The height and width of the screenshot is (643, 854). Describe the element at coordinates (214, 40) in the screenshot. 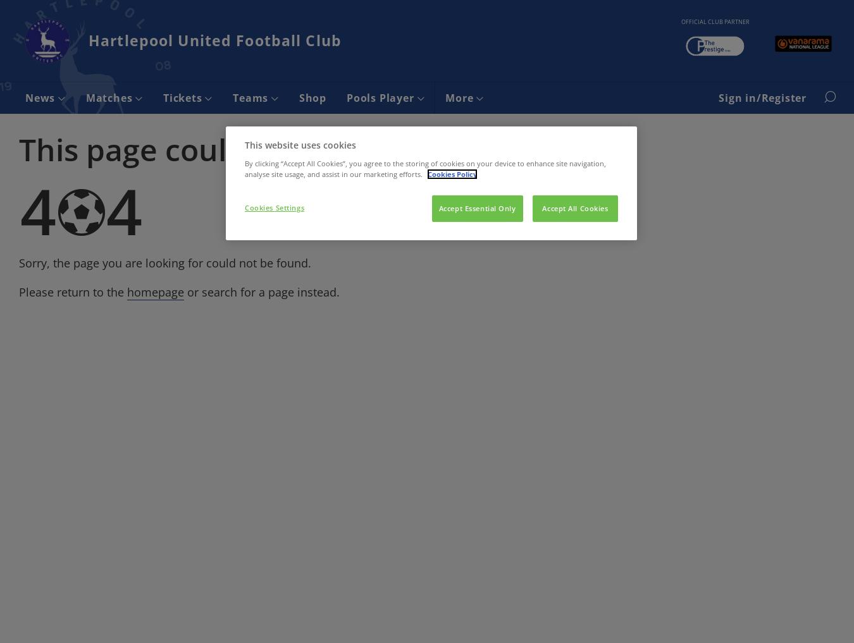

I see `'Hartlepool United Football Club'` at that location.